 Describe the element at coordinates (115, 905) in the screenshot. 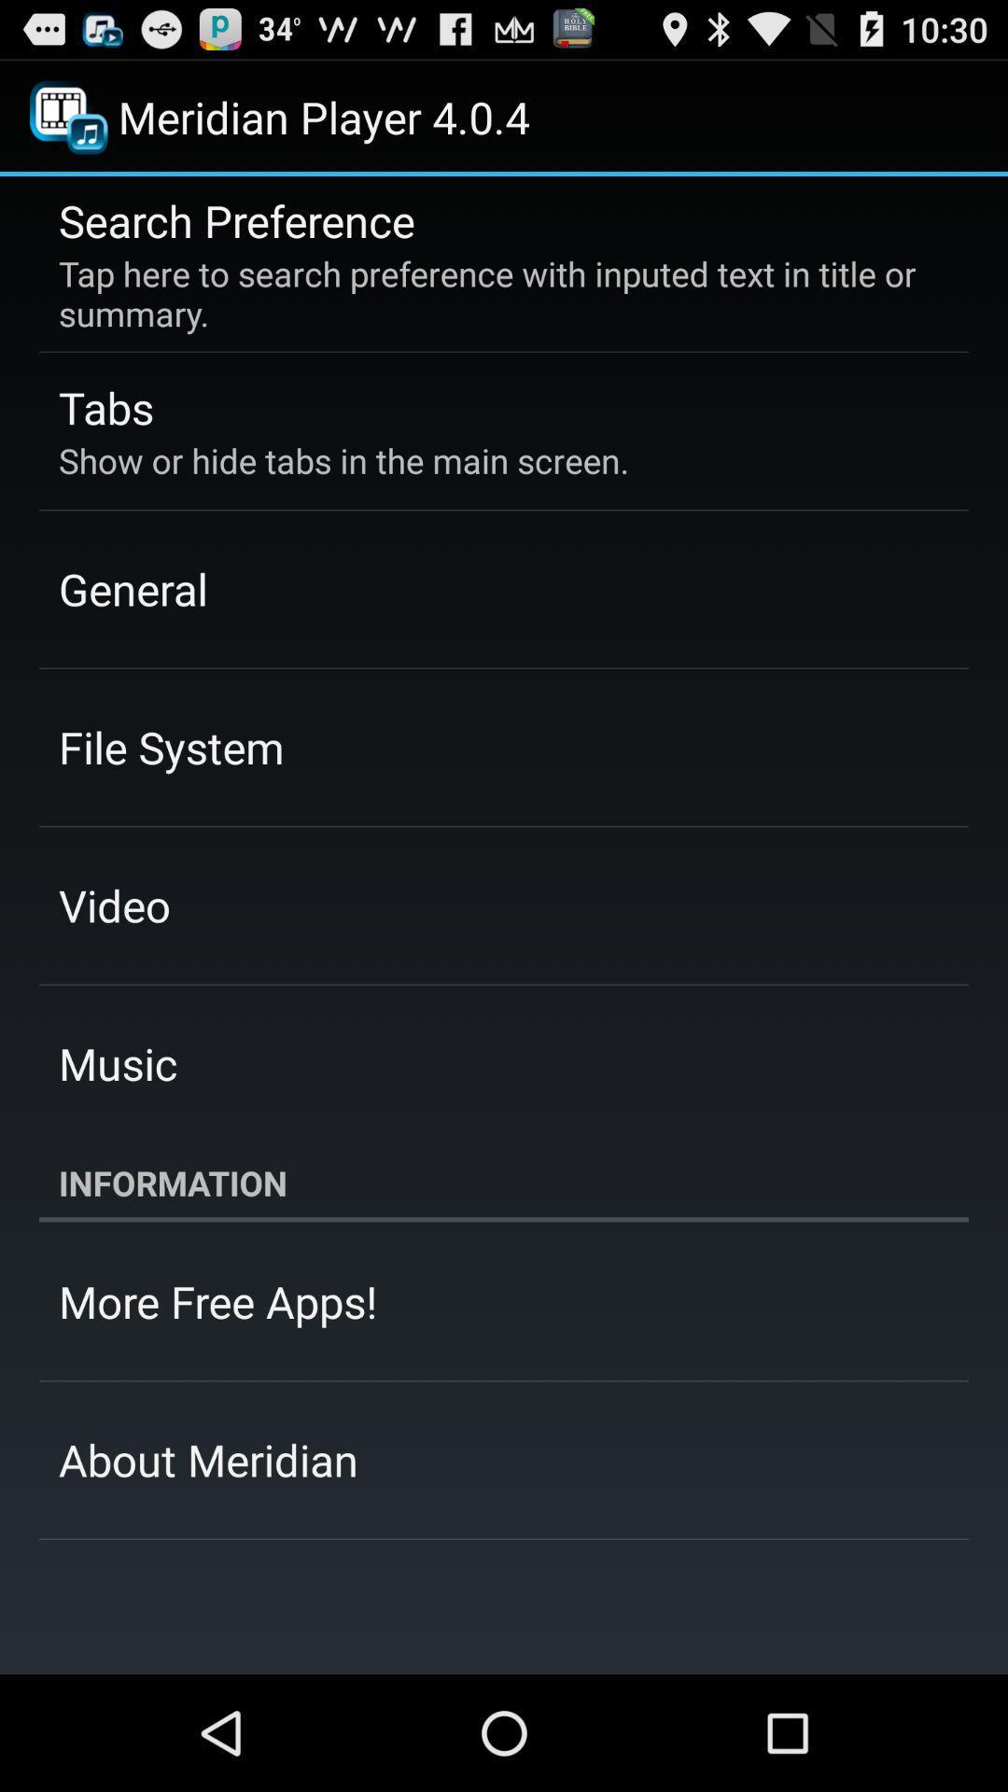

I see `icon above music item` at that location.